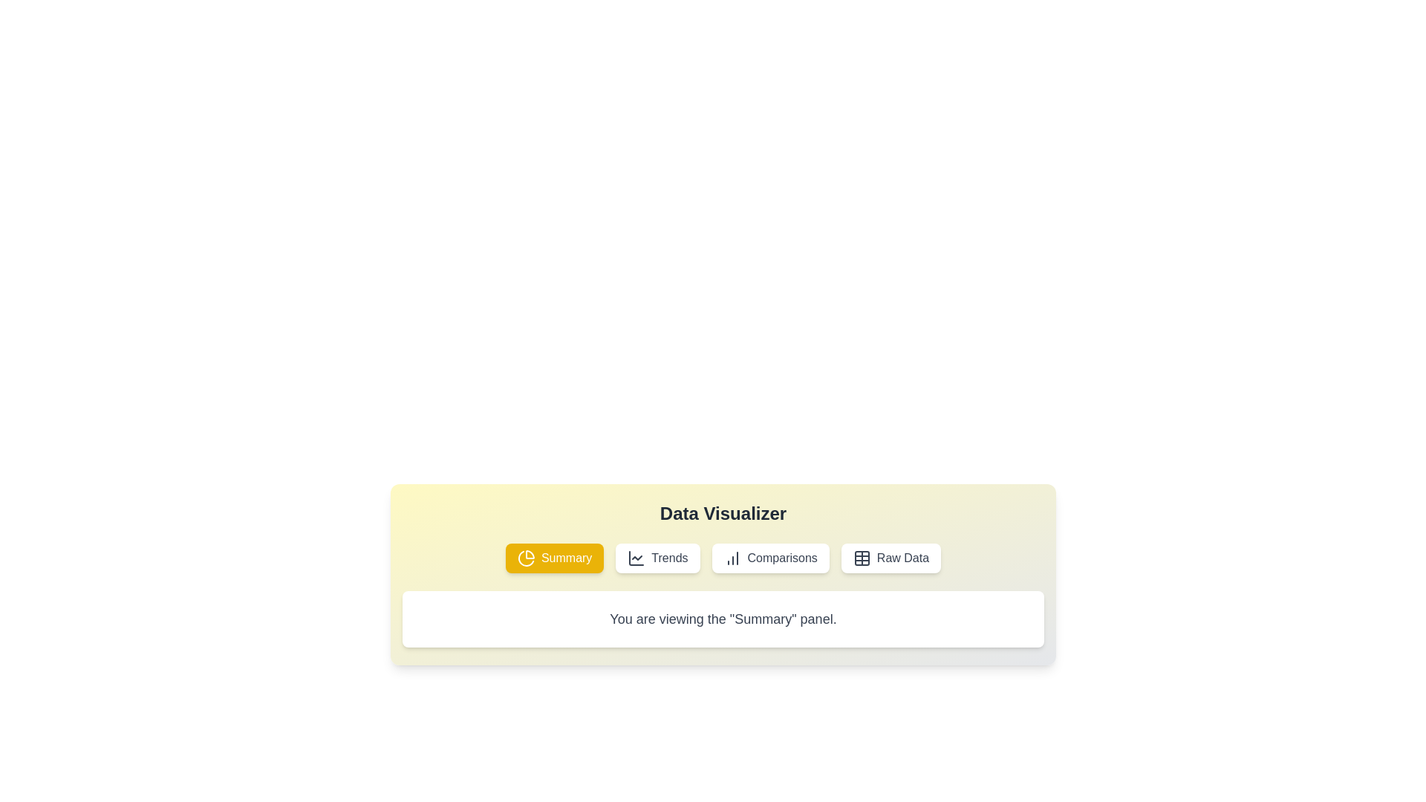 The image size is (1426, 802). I want to click on the non-interactive text display box that shows the message 'You are viewing the "Summary" panel.', so click(723, 619).